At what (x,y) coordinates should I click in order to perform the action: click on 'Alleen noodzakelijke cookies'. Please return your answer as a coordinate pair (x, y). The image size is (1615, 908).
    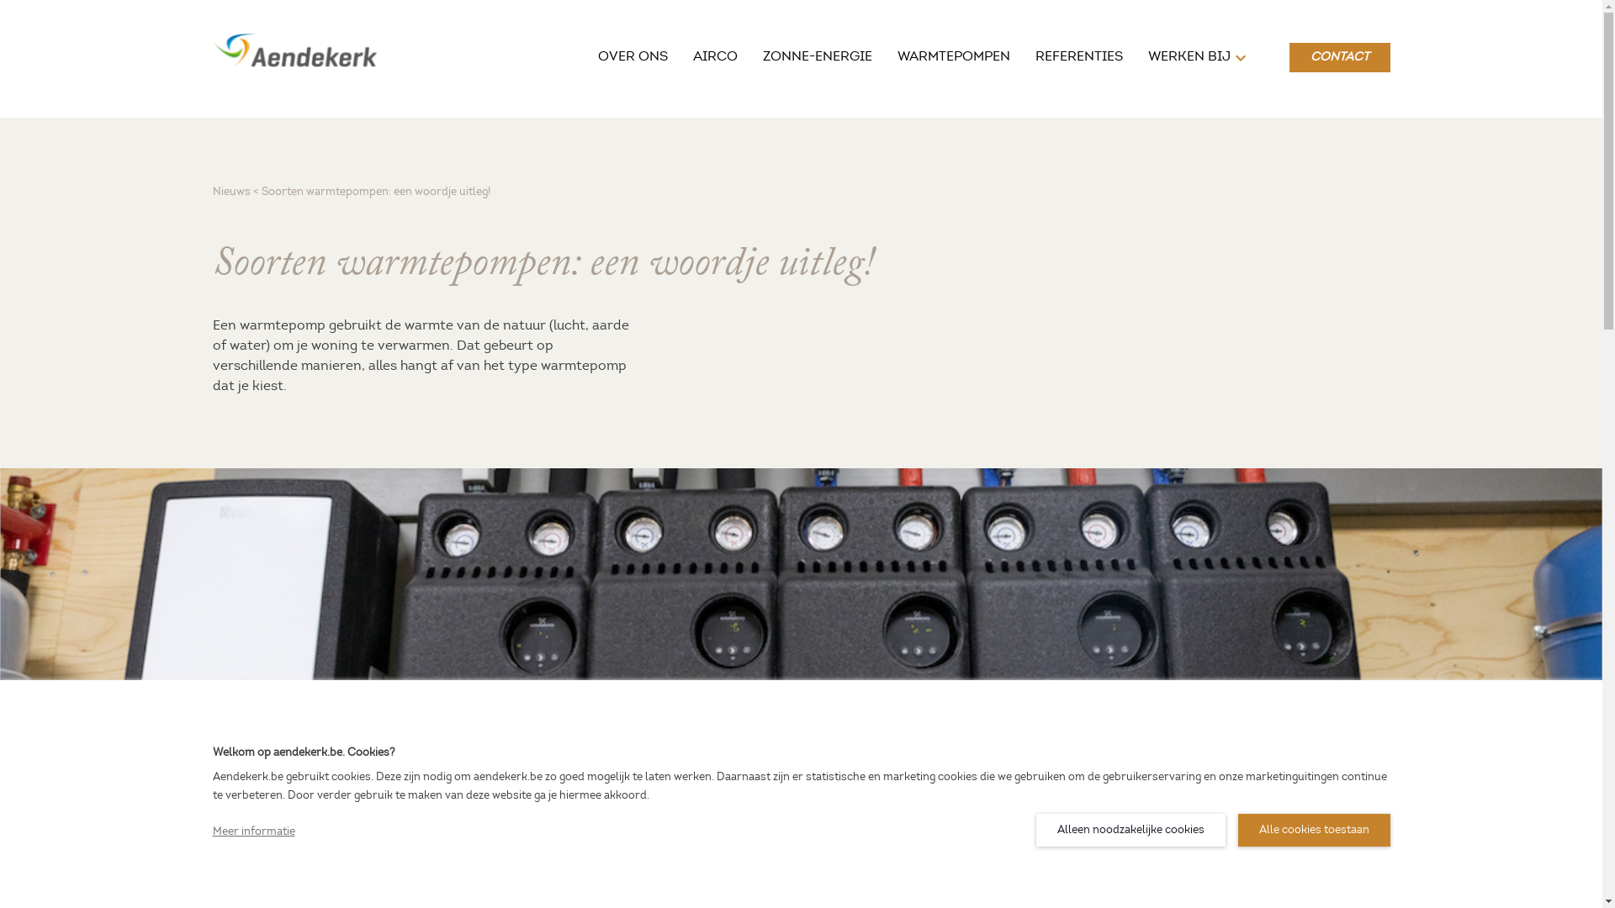
    Looking at the image, I should click on (1035, 829).